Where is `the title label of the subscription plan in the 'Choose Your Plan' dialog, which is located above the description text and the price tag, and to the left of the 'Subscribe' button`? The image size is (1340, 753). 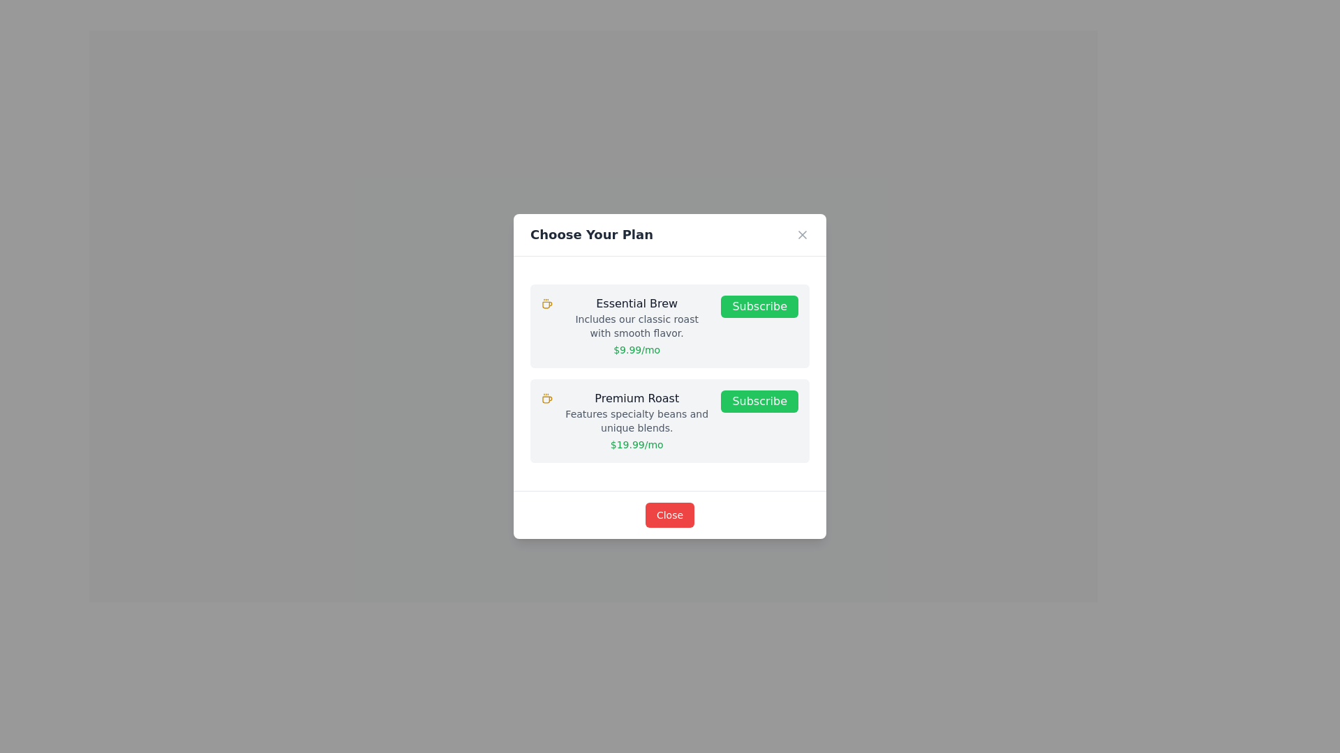 the title label of the subscription plan in the 'Choose Your Plan' dialog, which is located above the description text and the price tag, and to the left of the 'Subscribe' button is located at coordinates (636, 303).